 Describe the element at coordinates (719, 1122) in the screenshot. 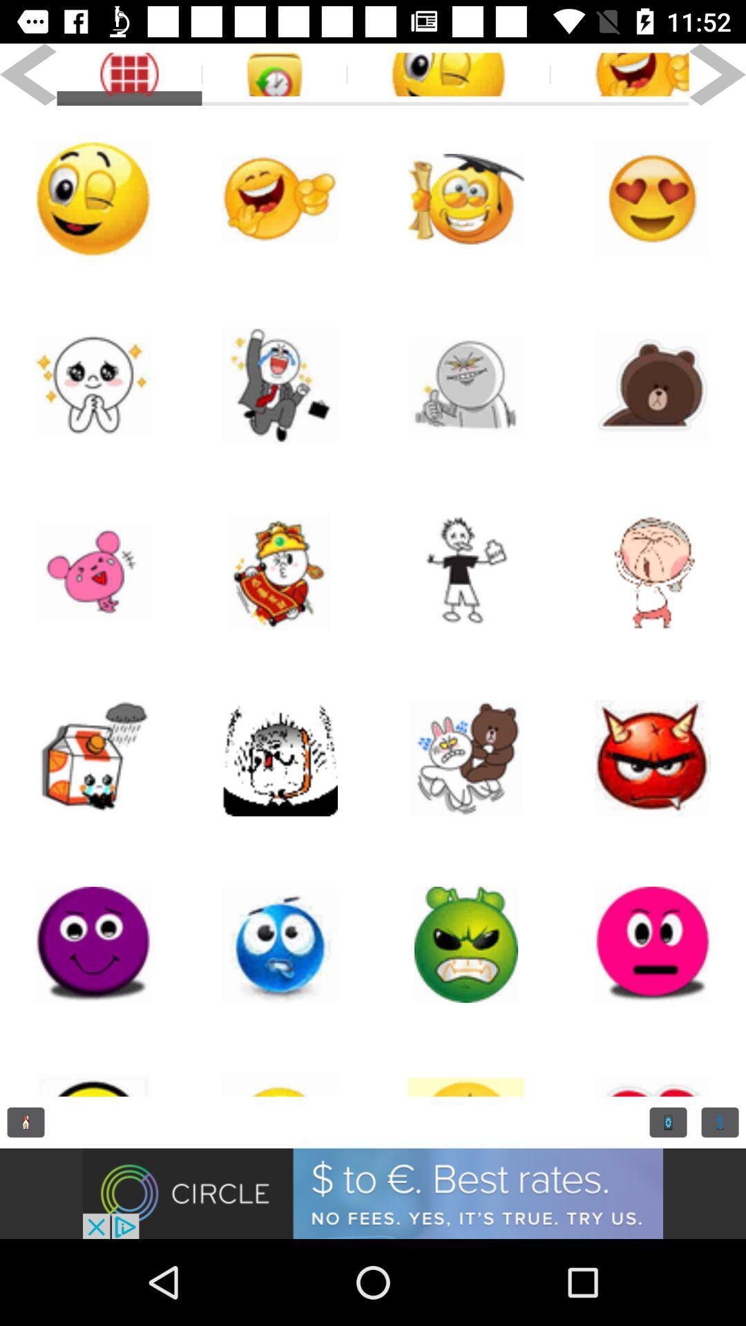

I see `counting option` at that location.